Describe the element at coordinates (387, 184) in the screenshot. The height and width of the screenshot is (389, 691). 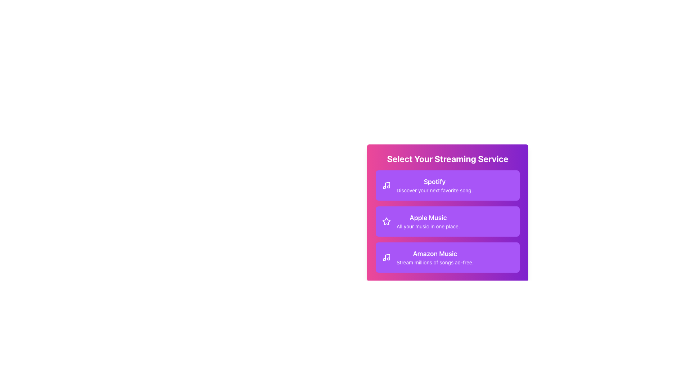
I see `the decorative part of the musical note icon representing the Spotify option, located to the left of the text 'Spotify' in the first option of the list inside the modal window` at that location.